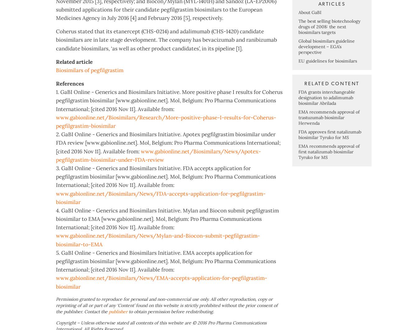  What do you see at coordinates (329, 159) in the screenshot?
I see `'FDA approves first natalizumab biosimilar Tyruko for MS'` at bounding box center [329, 159].